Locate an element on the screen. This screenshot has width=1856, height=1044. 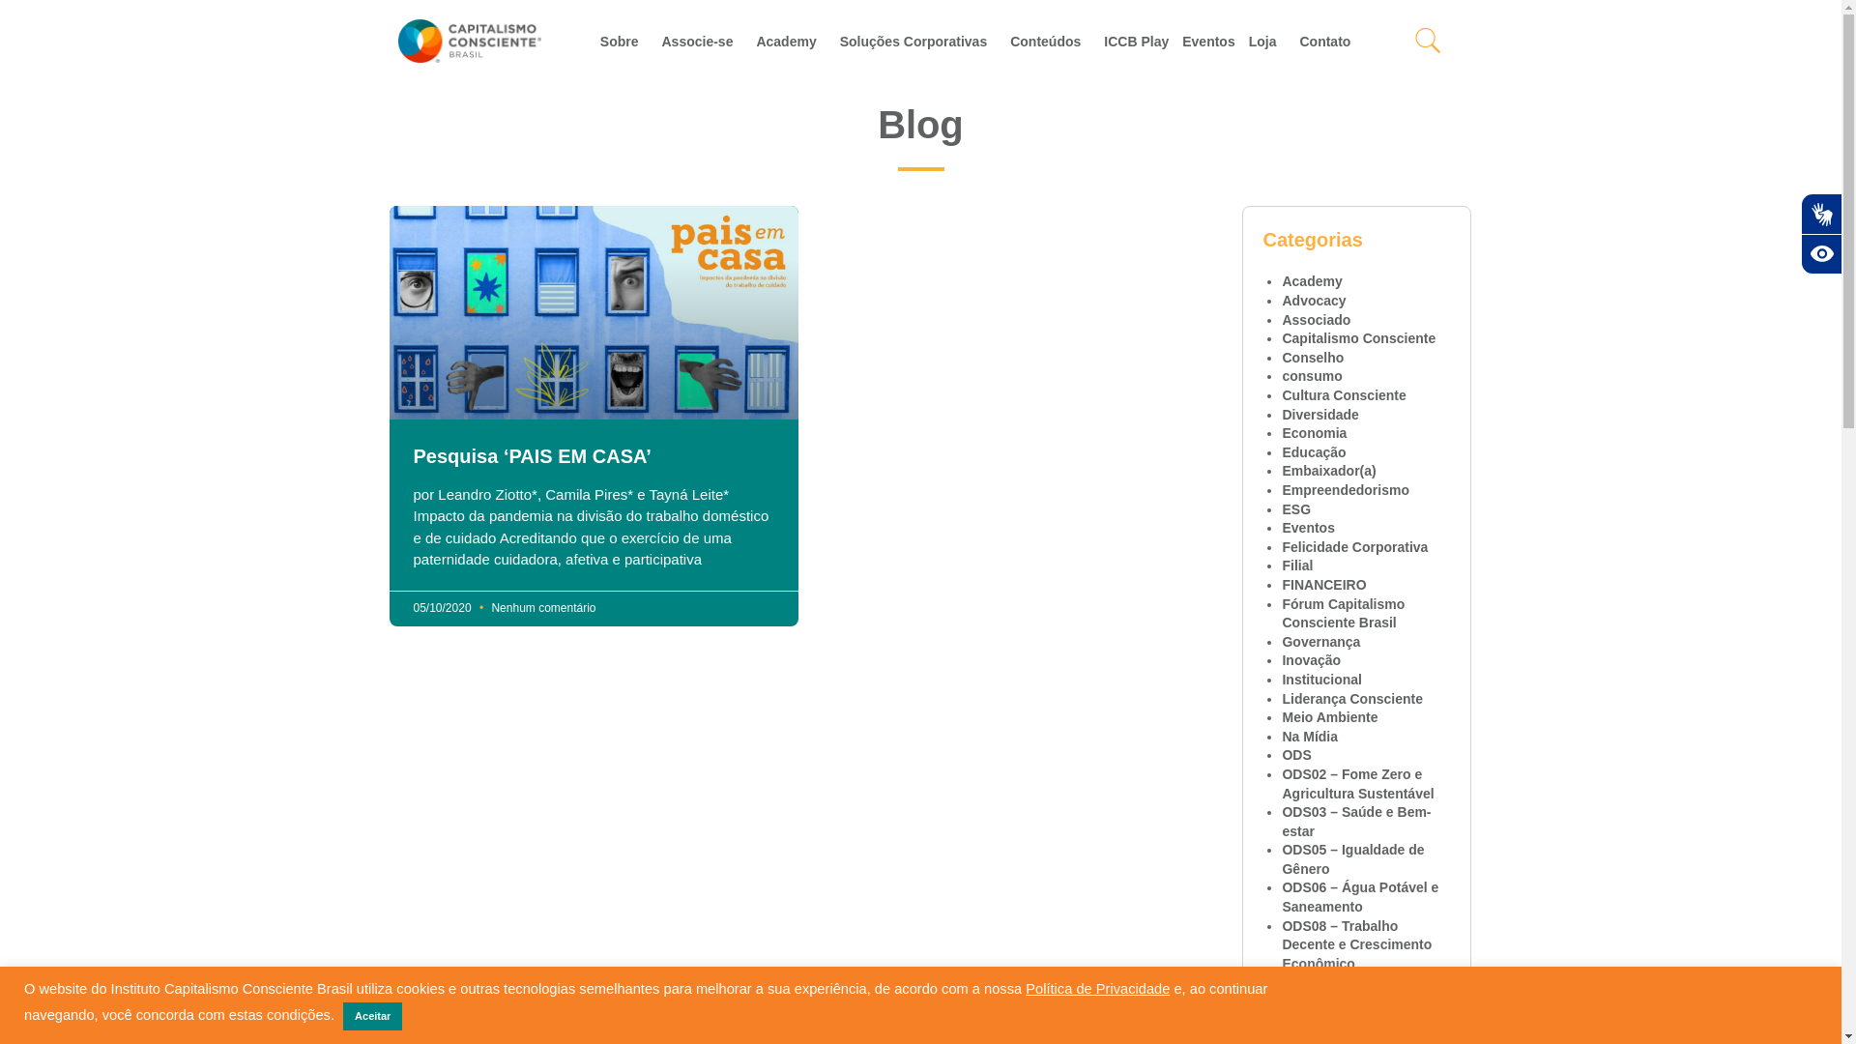
'Loja' is located at coordinates (1242, 41).